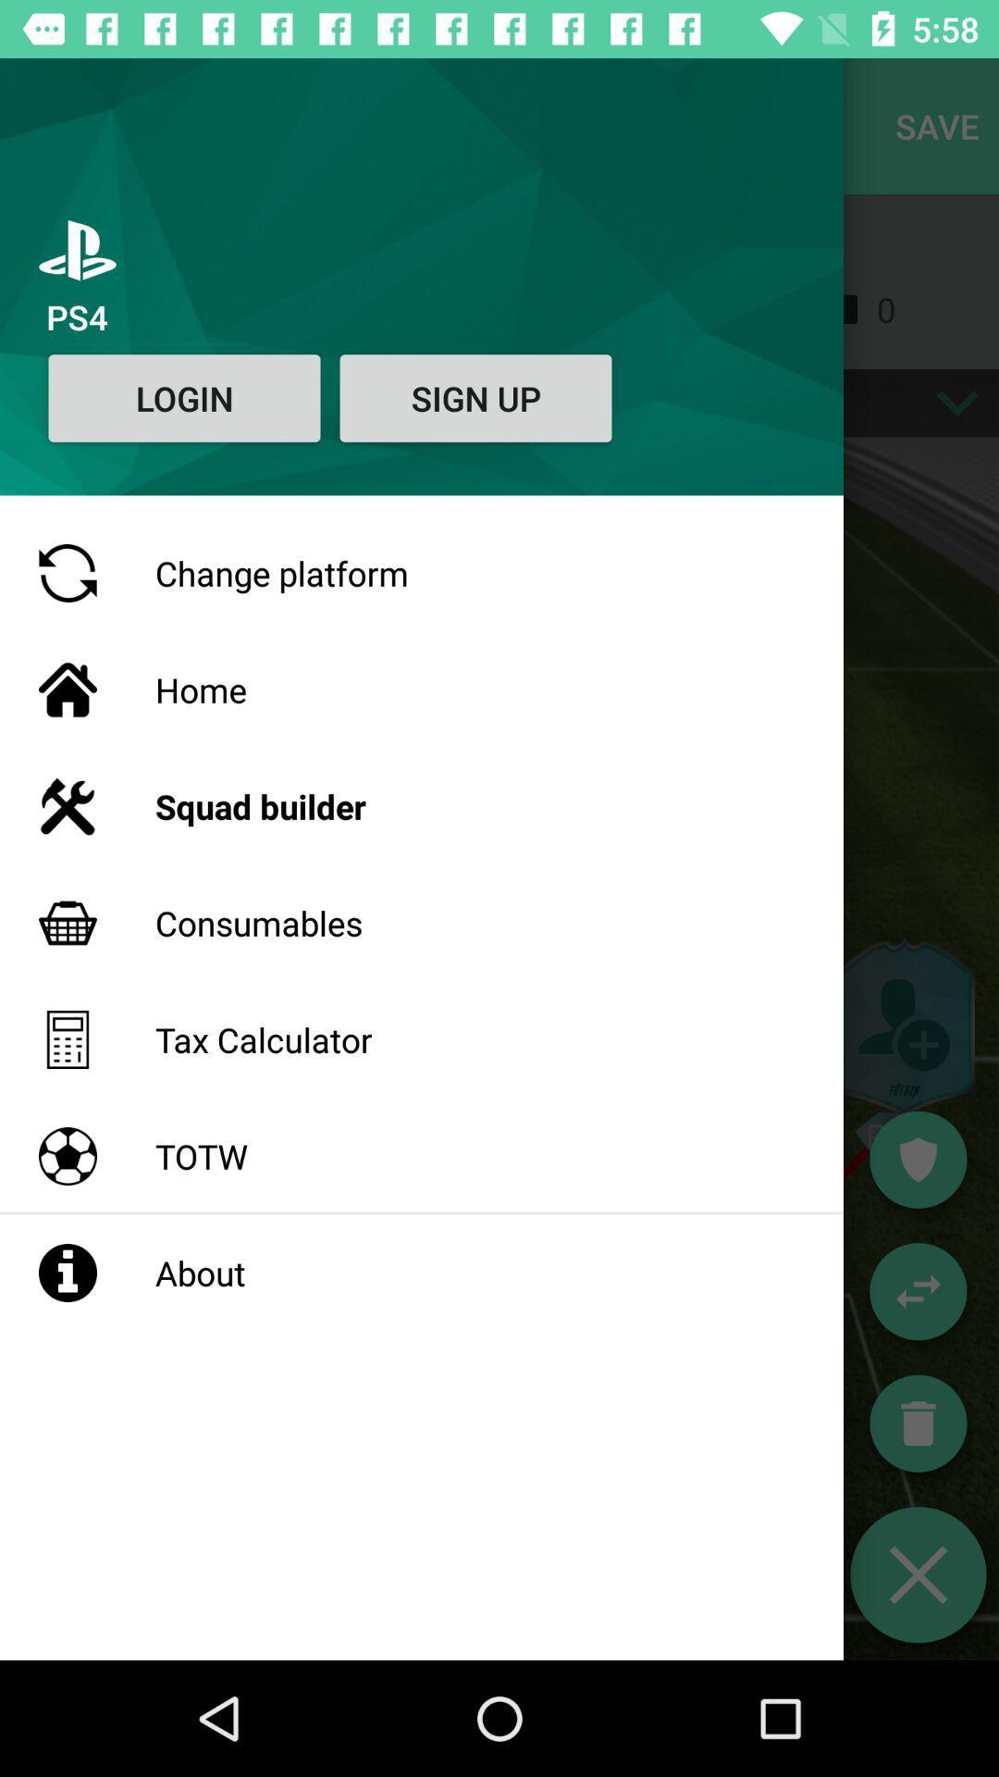 The width and height of the screenshot is (999, 1777). I want to click on the expand_more icon, so click(957, 402).